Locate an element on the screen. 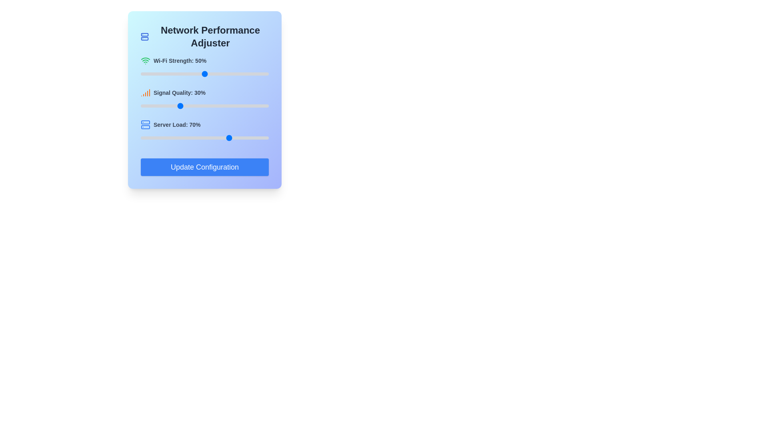  the server load slider is located at coordinates (161, 137).